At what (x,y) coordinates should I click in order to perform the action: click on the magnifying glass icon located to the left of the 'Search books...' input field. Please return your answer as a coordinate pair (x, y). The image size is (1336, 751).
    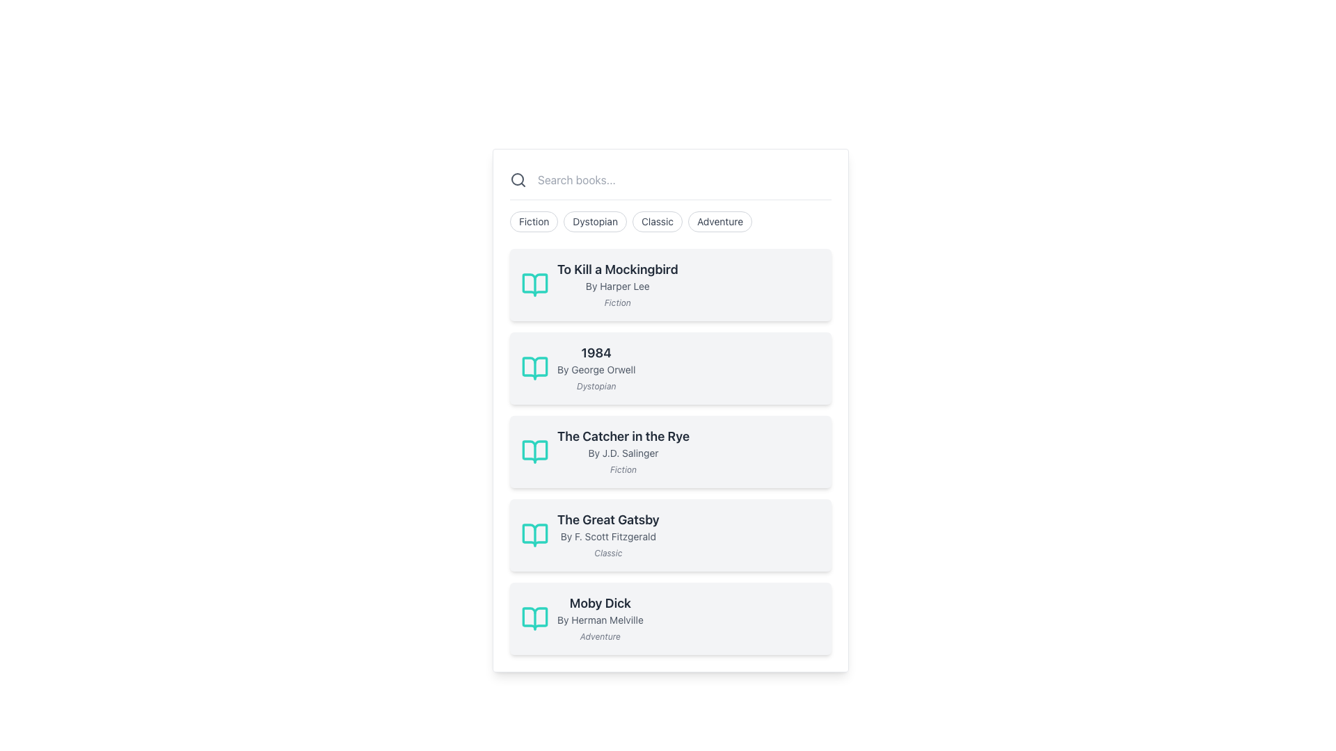
    Looking at the image, I should click on (517, 179).